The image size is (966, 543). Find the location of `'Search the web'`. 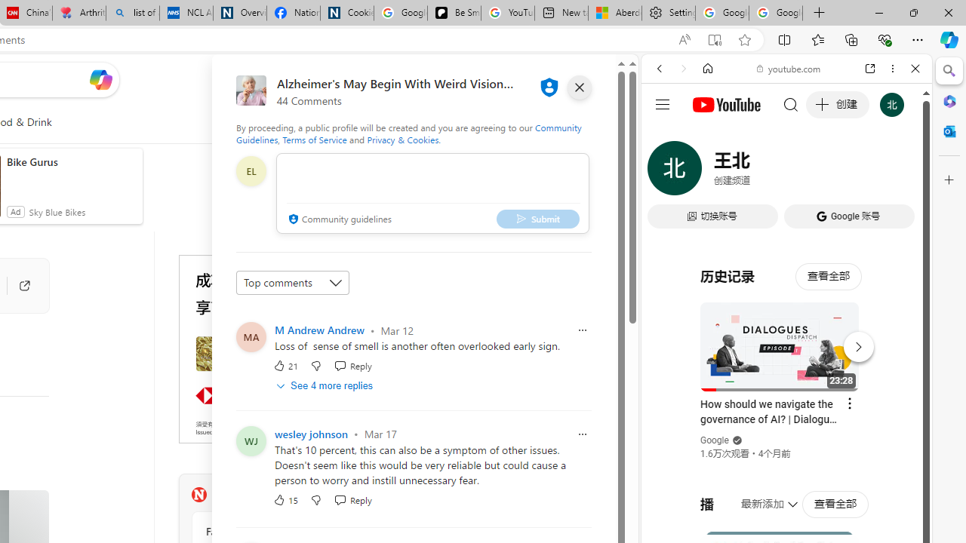

'Search the web' is located at coordinates (793, 103).